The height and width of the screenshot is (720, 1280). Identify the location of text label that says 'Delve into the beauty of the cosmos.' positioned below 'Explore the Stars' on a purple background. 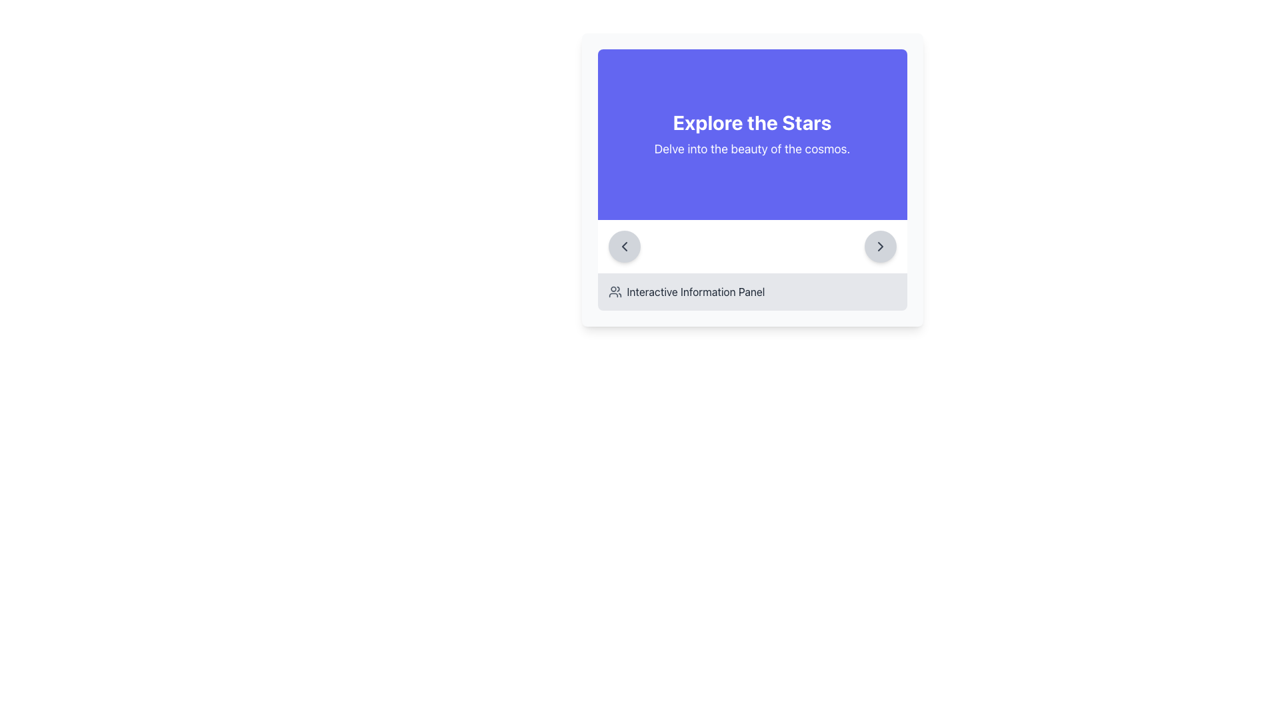
(752, 149).